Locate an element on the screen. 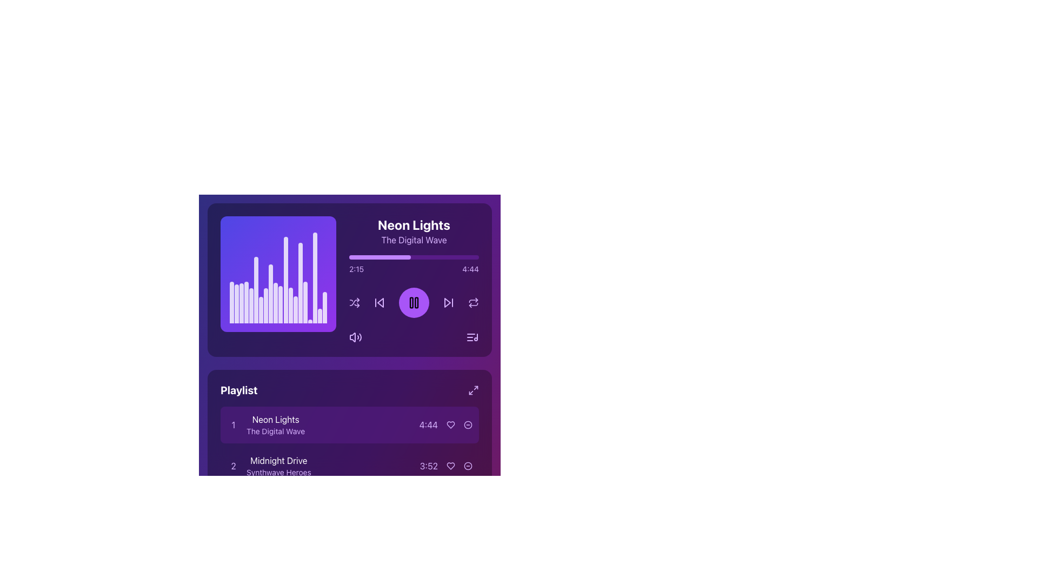 This screenshot has height=584, width=1038. the numeral '2' styled with a purple font in the 'Midnight Drive' playlist item, which is centered in a square area is located at coordinates (233, 465).